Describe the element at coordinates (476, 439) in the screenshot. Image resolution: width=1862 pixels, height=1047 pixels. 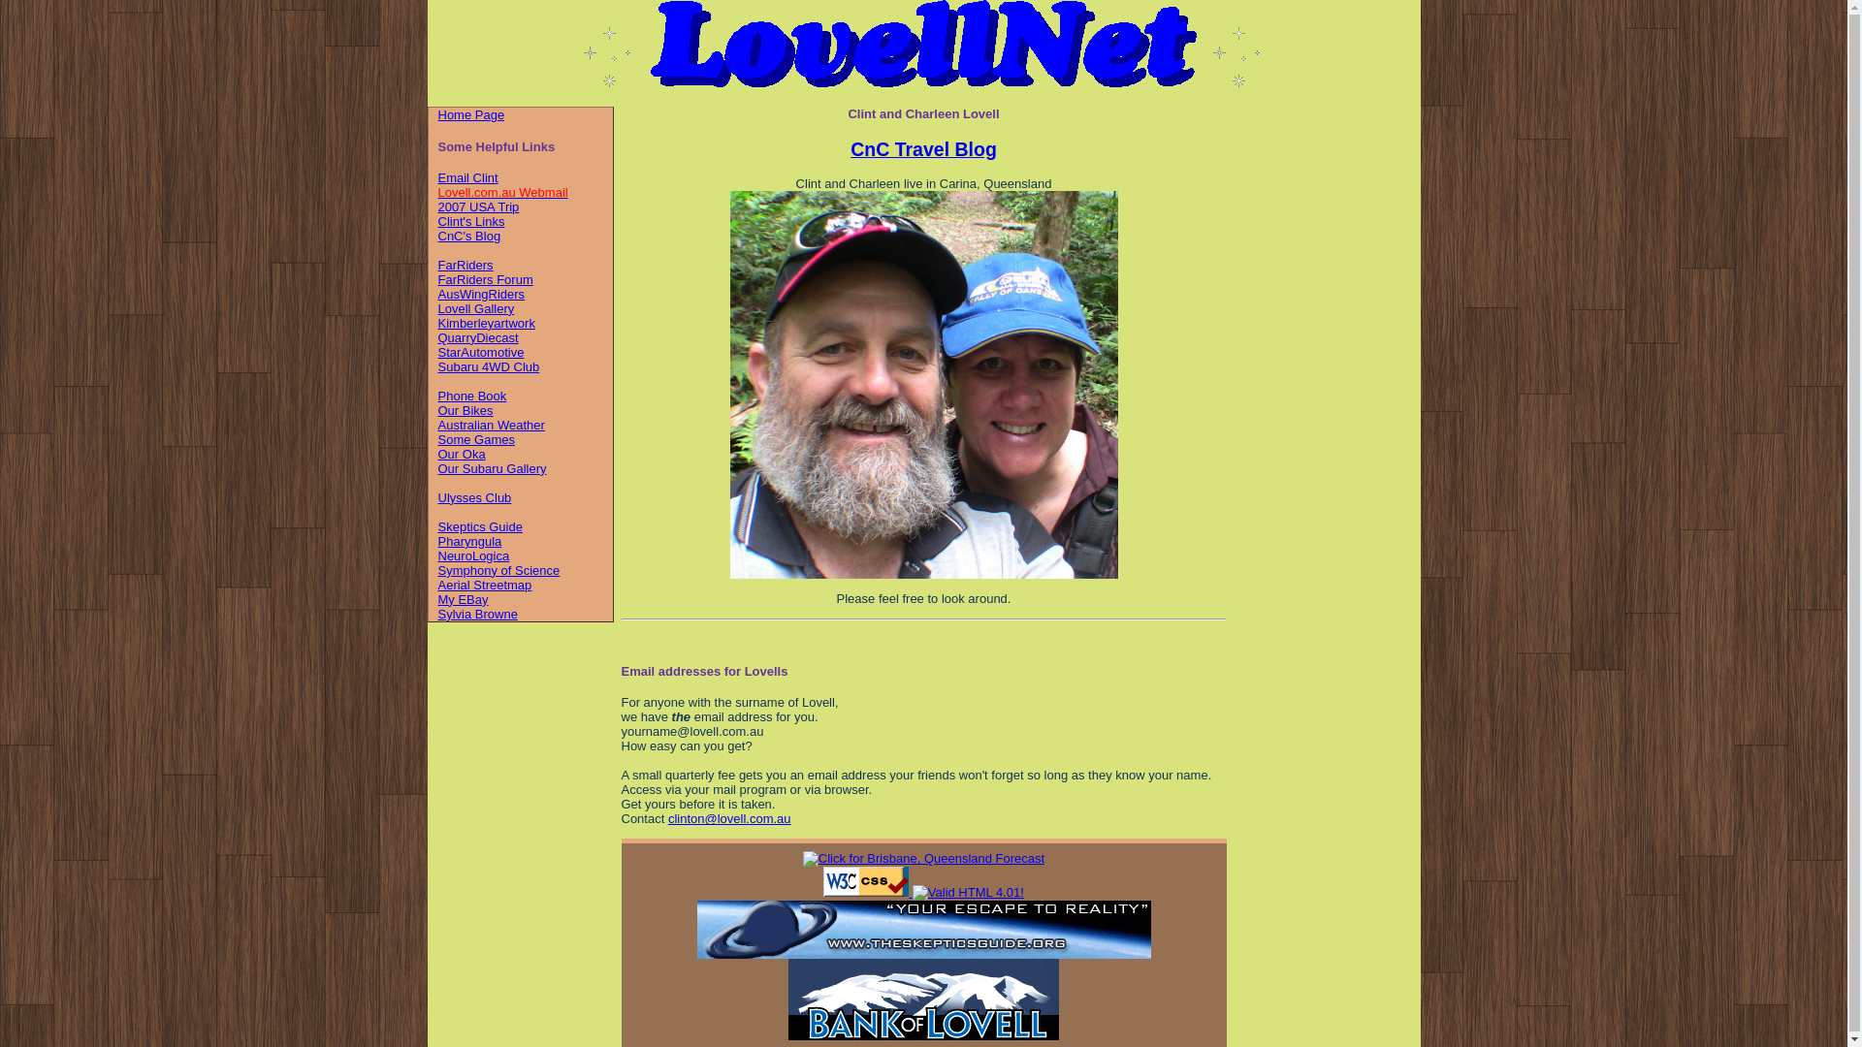
I see `'Some Games'` at that location.